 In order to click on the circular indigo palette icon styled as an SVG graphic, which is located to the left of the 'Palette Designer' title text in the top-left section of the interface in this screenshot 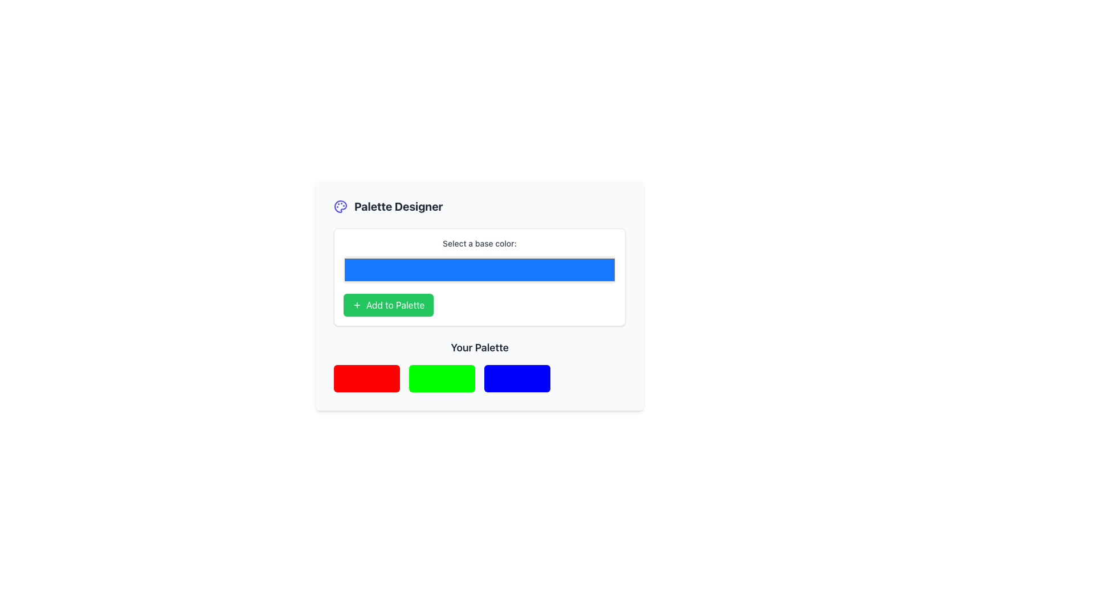, I will do `click(340, 206)`.